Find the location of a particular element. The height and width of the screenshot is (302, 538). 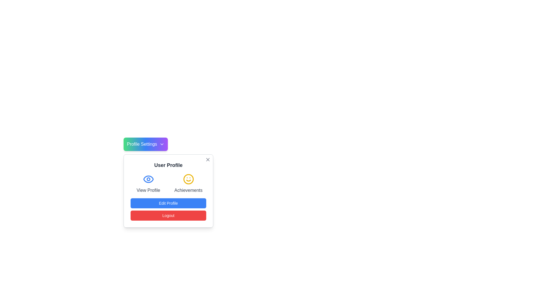

the logout button located at the bottom of the 'User Profile' dialog box is located at coordinates (168, 215).